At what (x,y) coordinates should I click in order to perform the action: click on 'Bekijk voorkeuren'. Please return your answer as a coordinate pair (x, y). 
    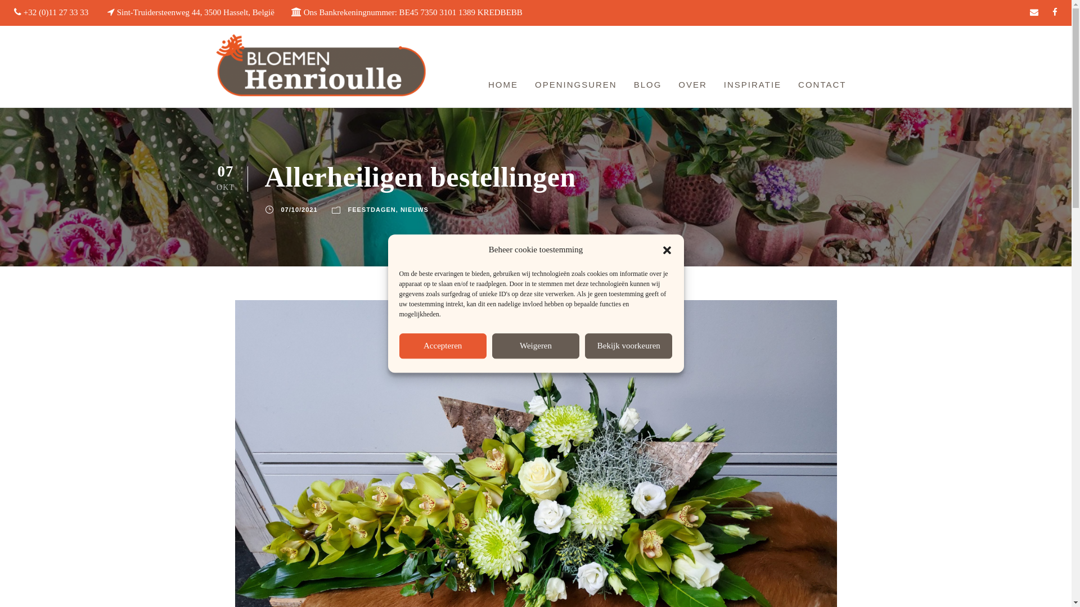
    Looking at the image, I should click on (585, 345).